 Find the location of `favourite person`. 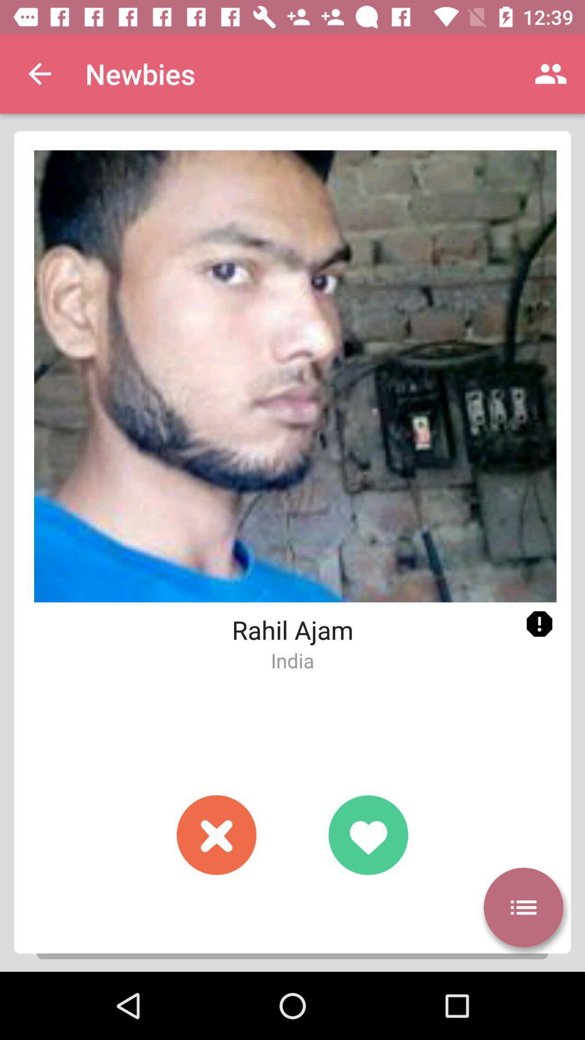

favourite person is located at coordinates (367, 834).